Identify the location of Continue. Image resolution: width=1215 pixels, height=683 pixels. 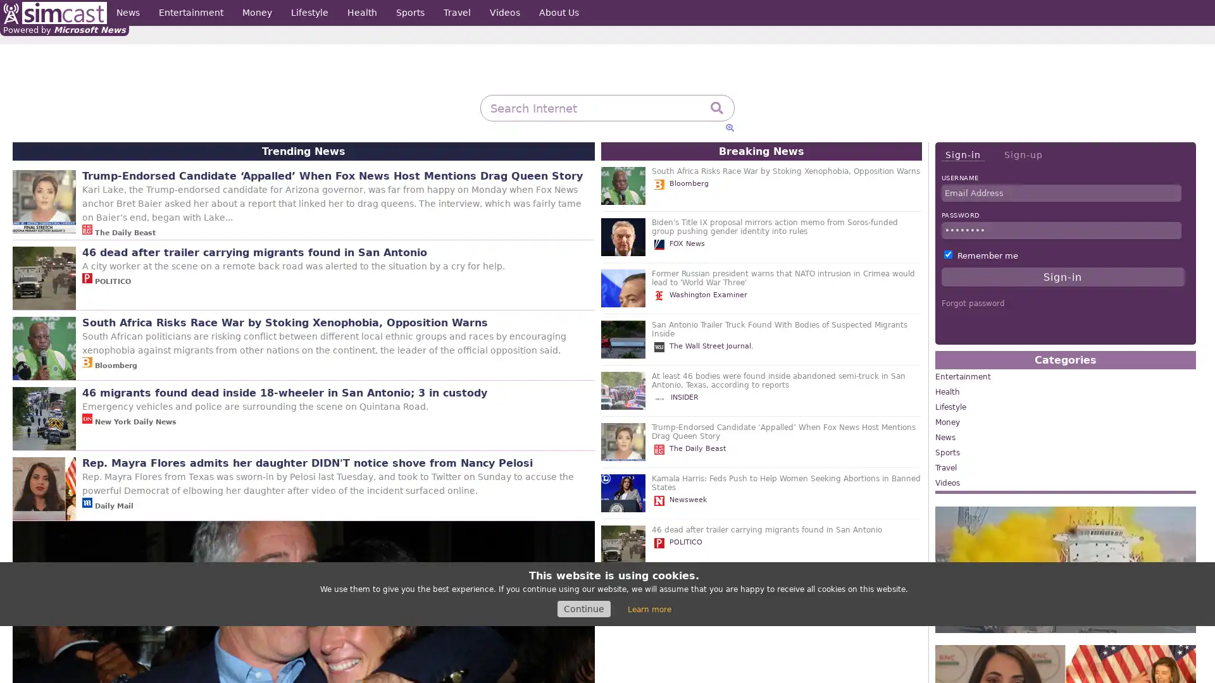
(583, 608).